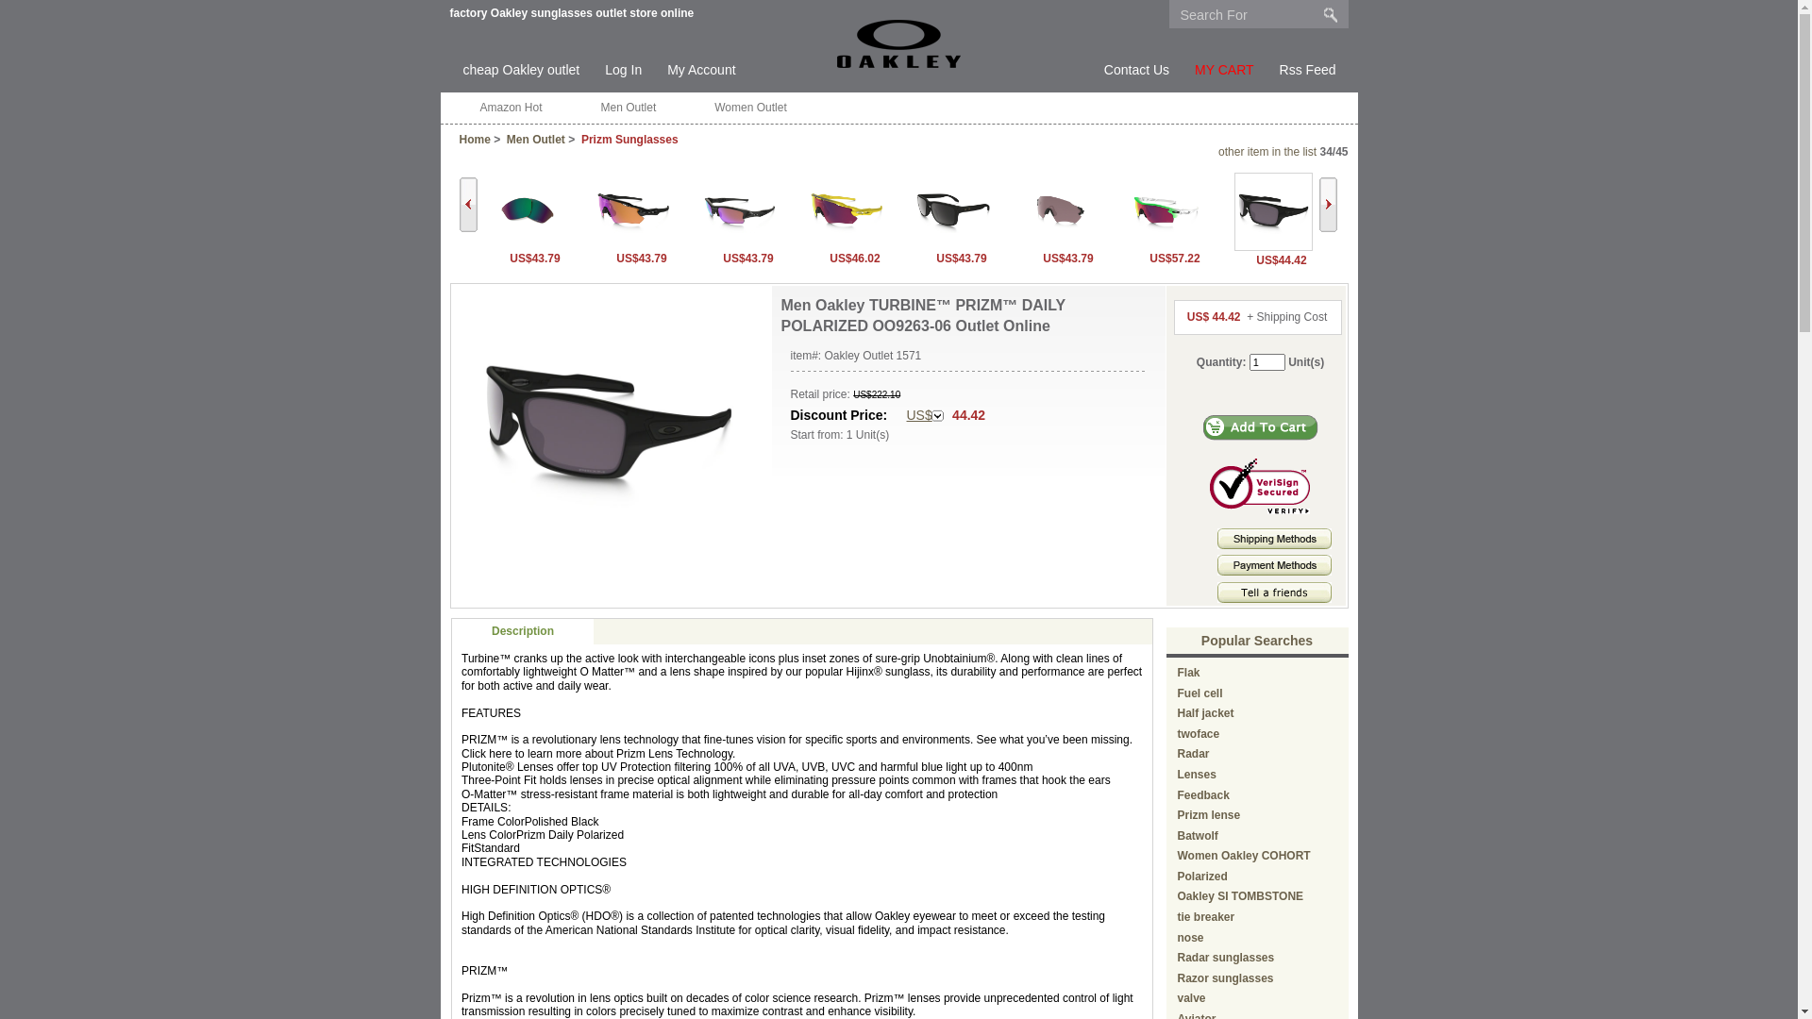  Describe the element at coordinates (1177, 814) in the screenshot. I see `'Prizm lense'` at that location.